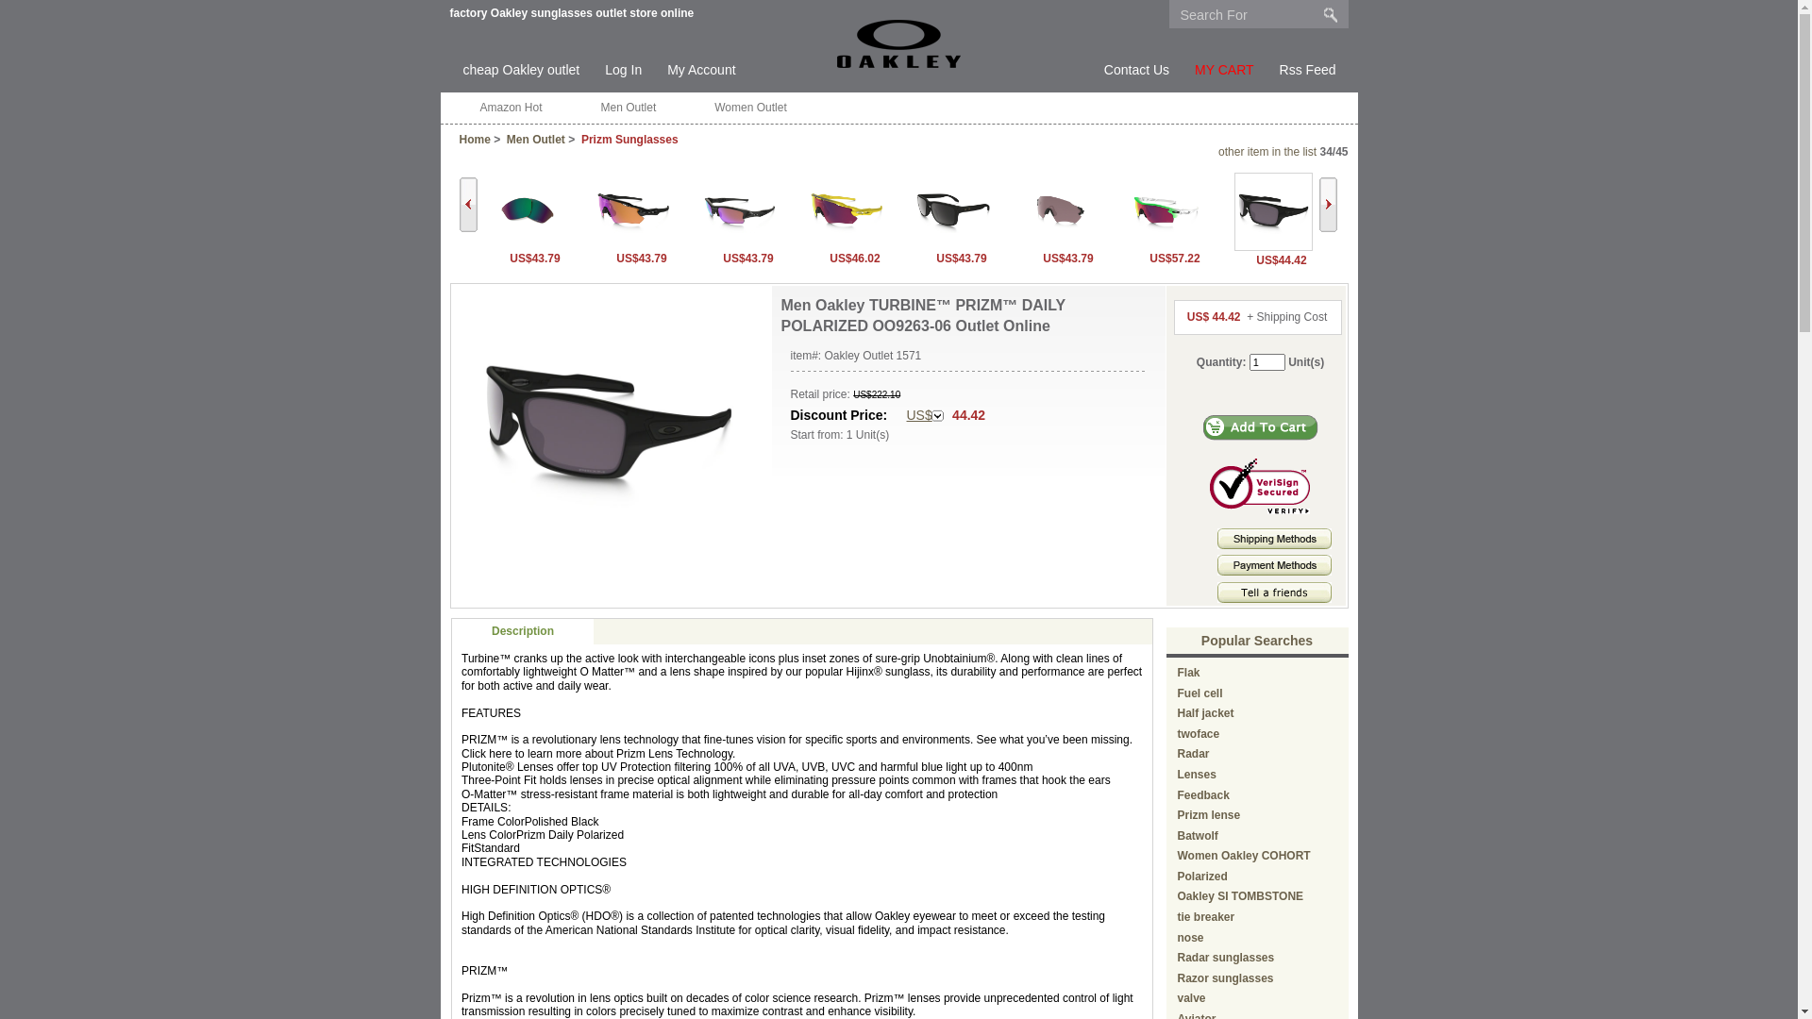  Describe the element at coordinates (1177, 814) in the screenshot. I see `'Prizm lense'` at that location.